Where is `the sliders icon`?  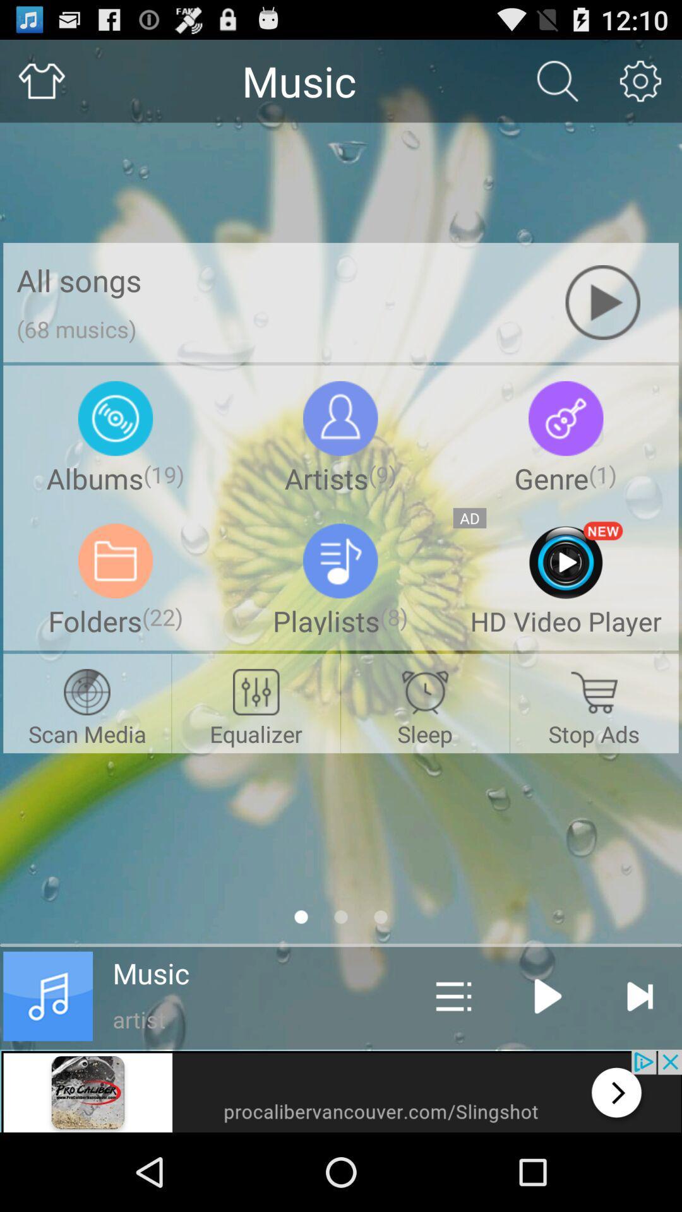 the sliders icon is located at coordinates (453, 1066).